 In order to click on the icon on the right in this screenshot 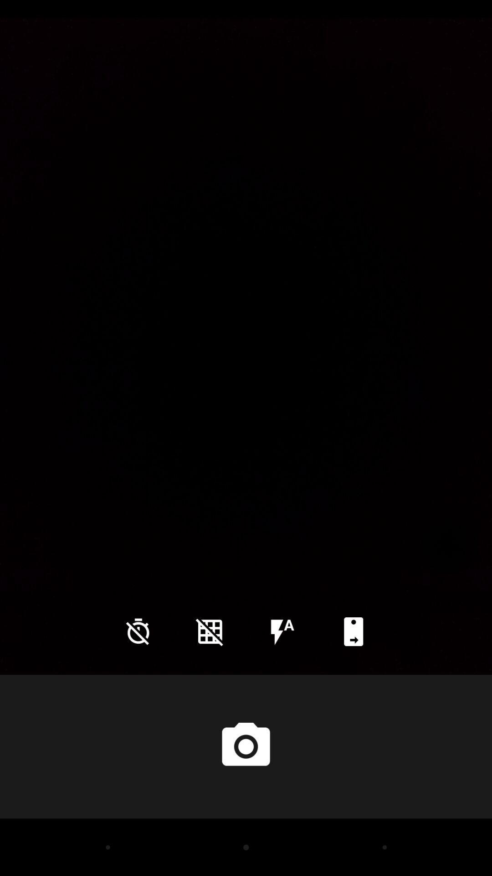, I will do `click(448, 545)`.